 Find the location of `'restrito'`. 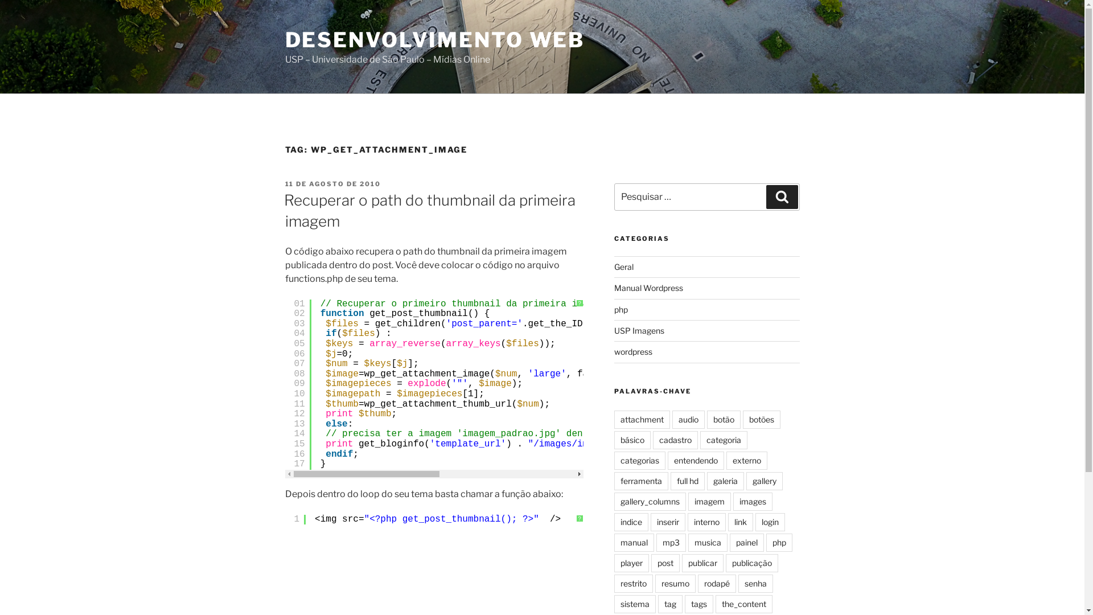

'restrito' is located at coordinates (633, 584).